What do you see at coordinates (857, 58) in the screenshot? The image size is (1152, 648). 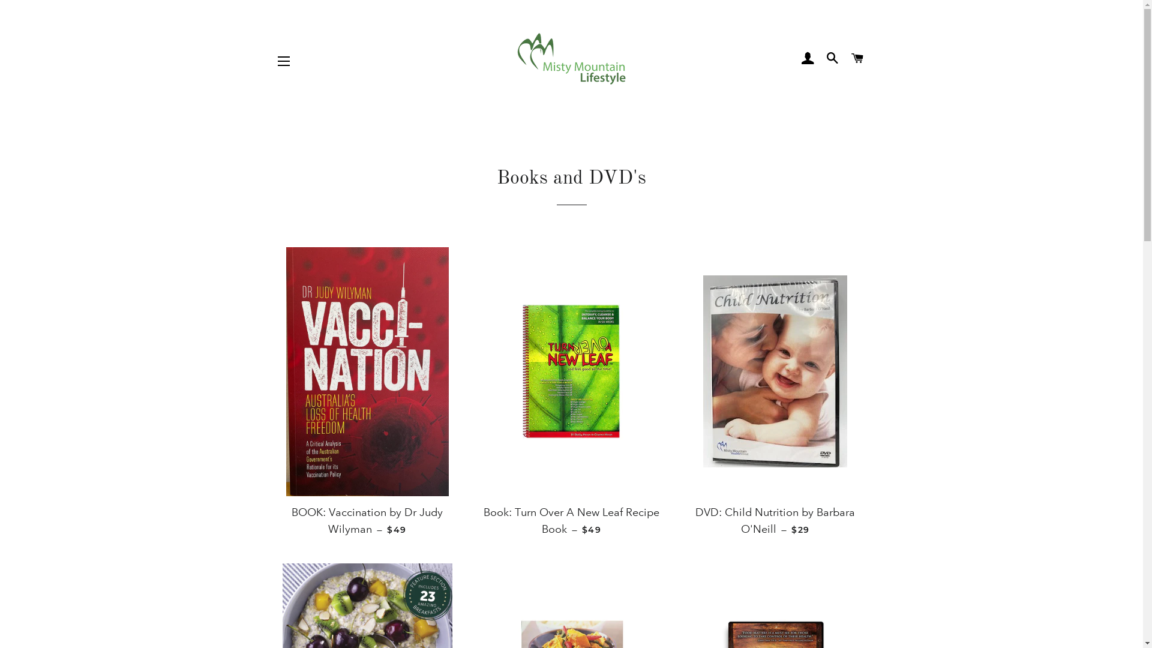 I see `'CART'` at bounding box center [857, 58].